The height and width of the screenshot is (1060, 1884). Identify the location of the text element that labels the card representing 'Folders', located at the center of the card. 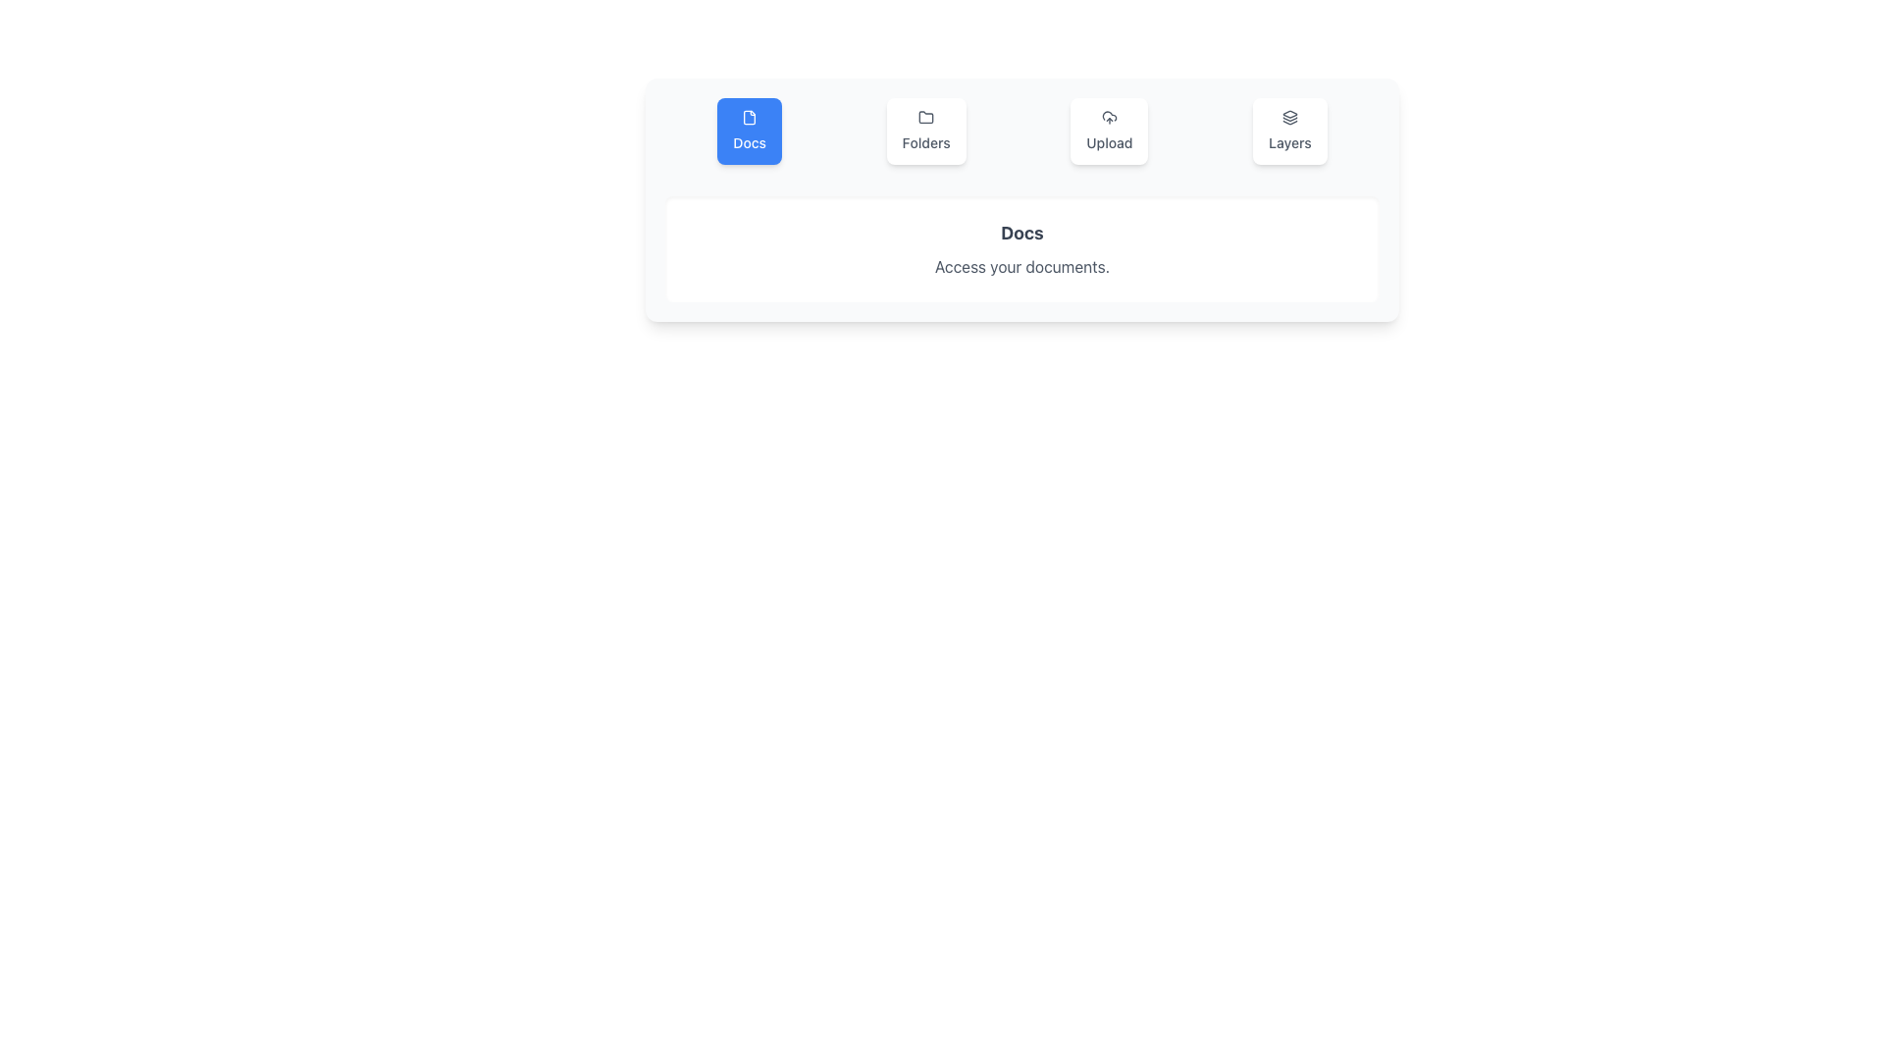
(925, 142).